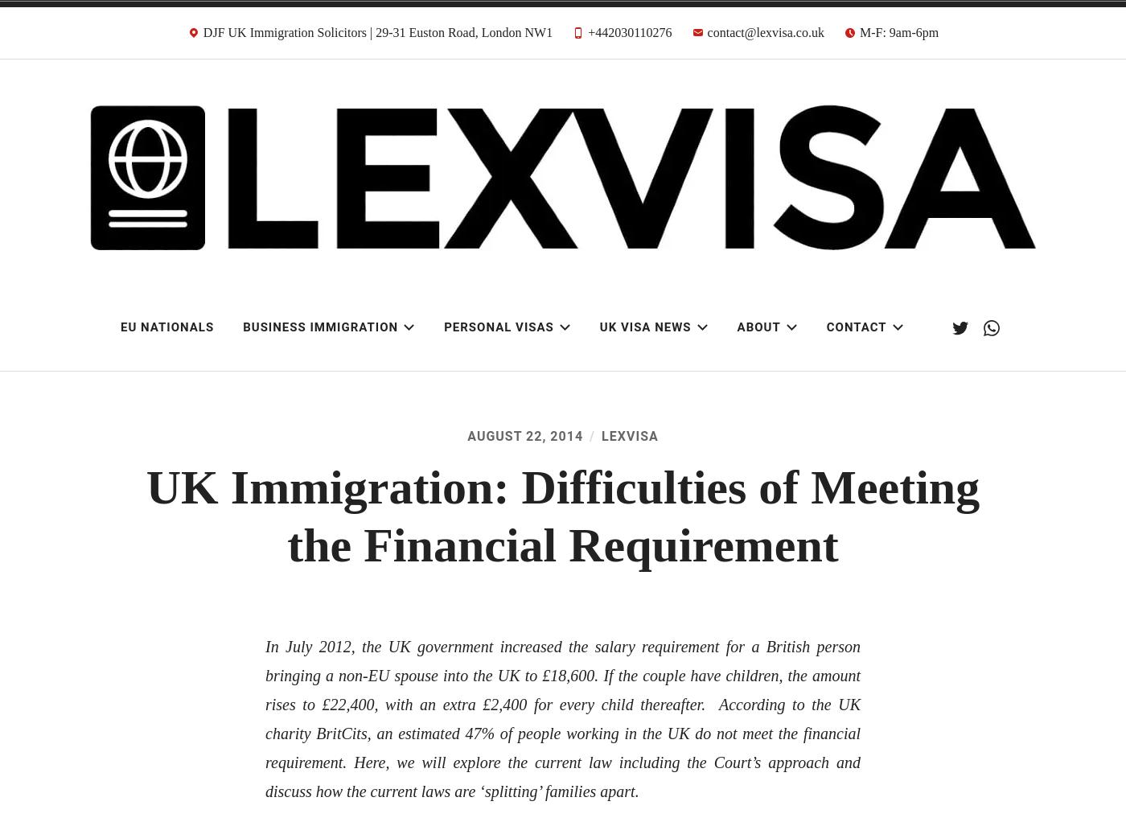  I want to click on 'About', so click(758, 327).